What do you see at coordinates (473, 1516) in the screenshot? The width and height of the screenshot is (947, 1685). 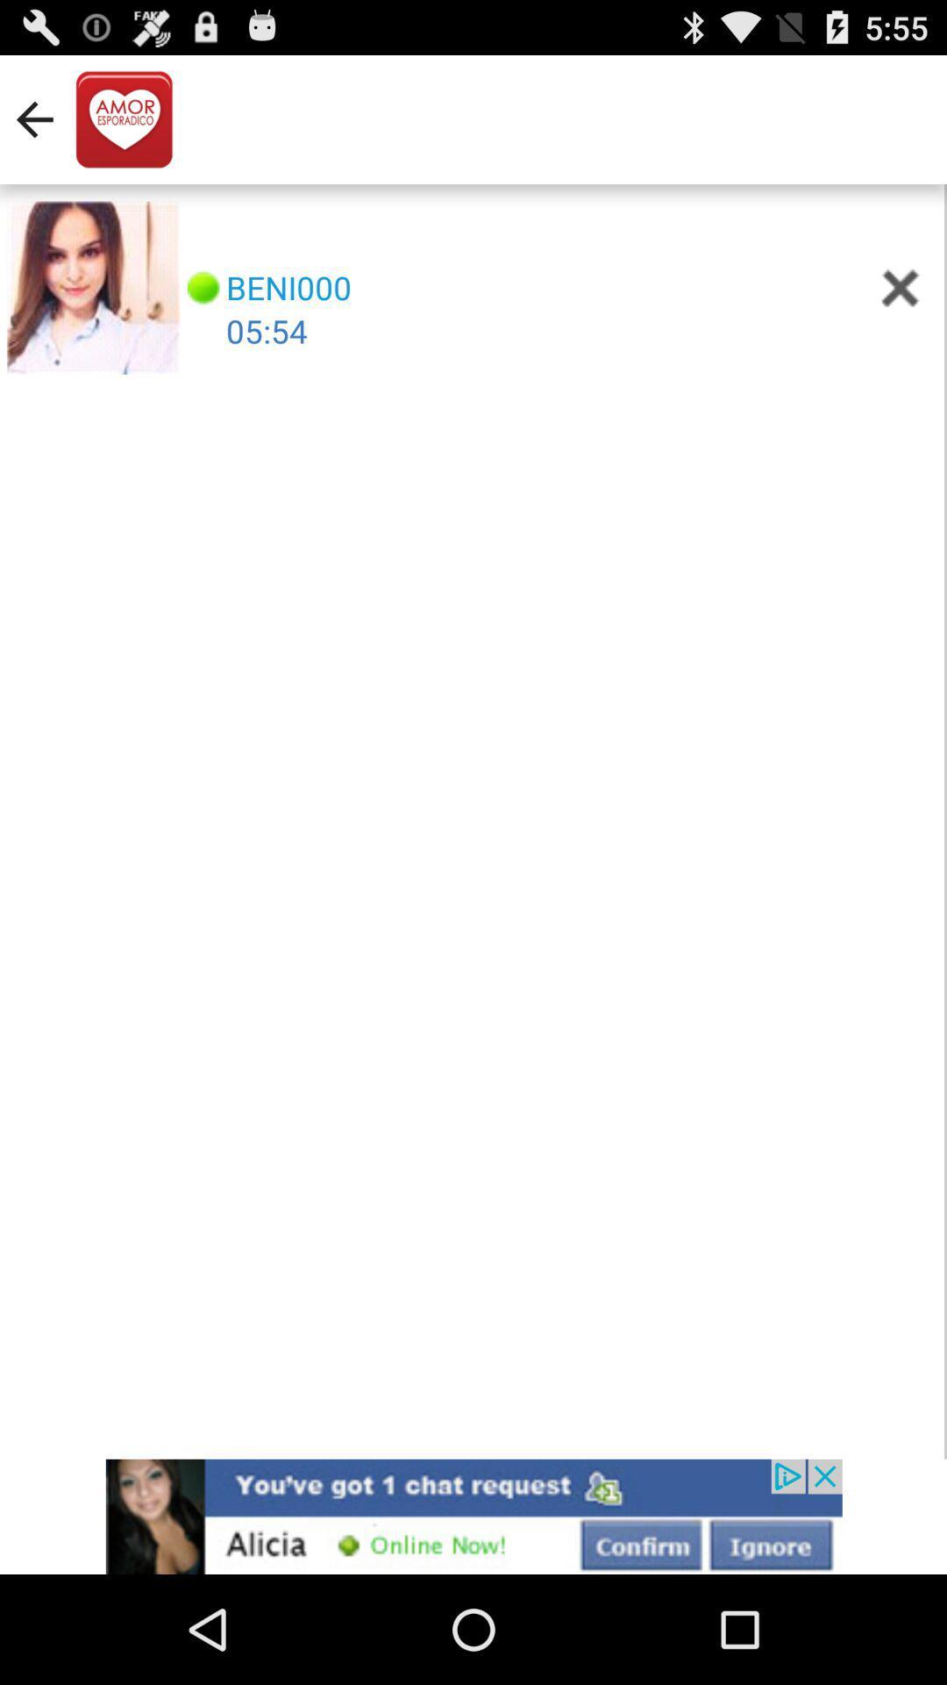 I see `details about advertisement` at bounding box center [473, 1516].